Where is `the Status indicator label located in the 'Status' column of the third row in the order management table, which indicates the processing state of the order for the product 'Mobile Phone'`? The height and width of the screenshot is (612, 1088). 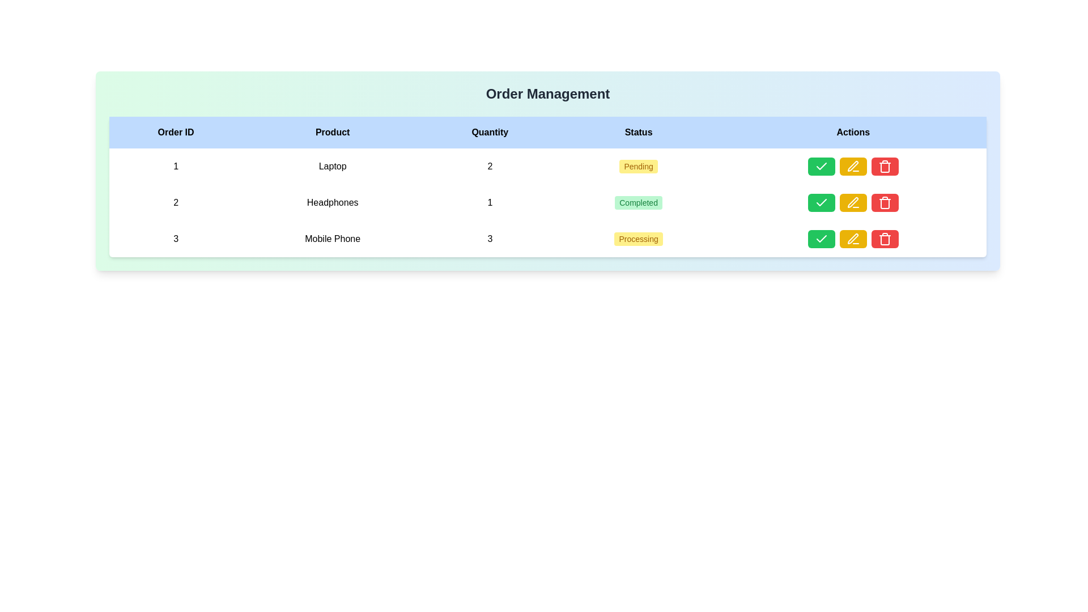 the Status indicator label located in the 'Status' column of the third row in the order management table, which indicates the processing state of the order for the product 'Mobile Phone' is located at coordinates (639, 238).